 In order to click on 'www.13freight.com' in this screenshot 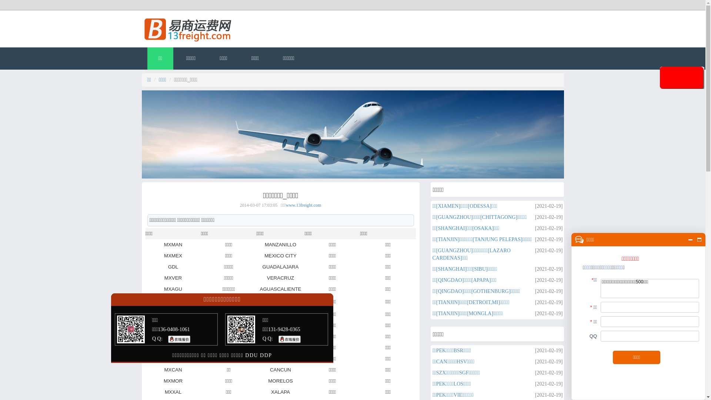, I will do `click(303, 205)`.